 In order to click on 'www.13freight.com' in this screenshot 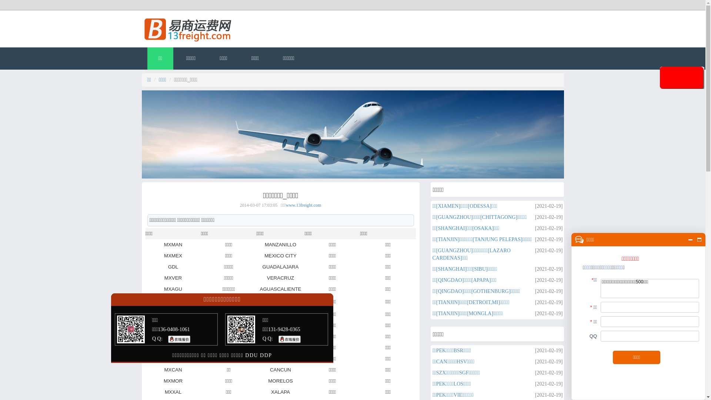, I will do `click(303, 205)`.